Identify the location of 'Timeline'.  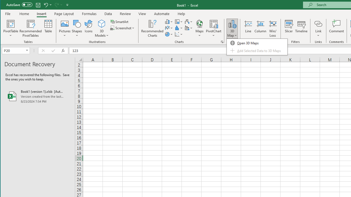
(301, 28).